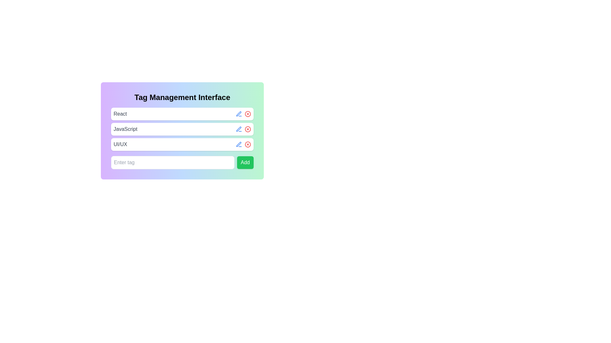 The width and height of the screenshot is (611, 343). What do you see at coordinates (238, 144) in the screenshot?
I see `the decorative icon located to the right of the 'UI/UX' text field` at bounding box center [238, 144].